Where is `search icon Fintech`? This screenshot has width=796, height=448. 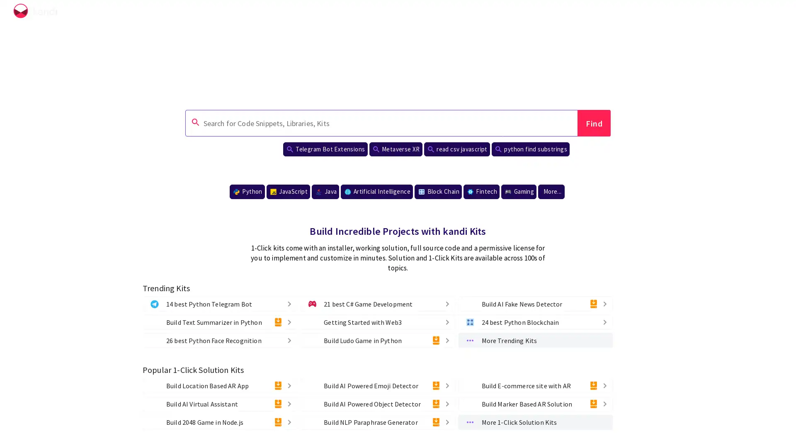
search icon Fintech is located at coordinates (481, 192).